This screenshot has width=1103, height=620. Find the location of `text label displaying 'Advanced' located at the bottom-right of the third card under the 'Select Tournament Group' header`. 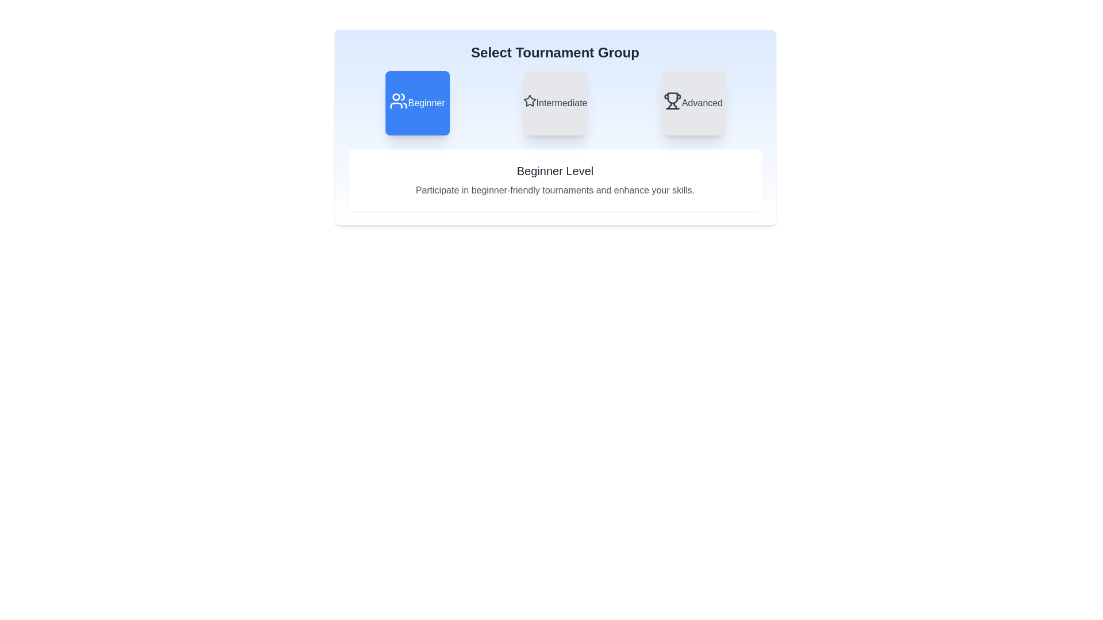

text label displaying 'Advanced' located at the bottom-right of the third card under the 'Select Tournament Group' header is located at coordinates (701, 103).